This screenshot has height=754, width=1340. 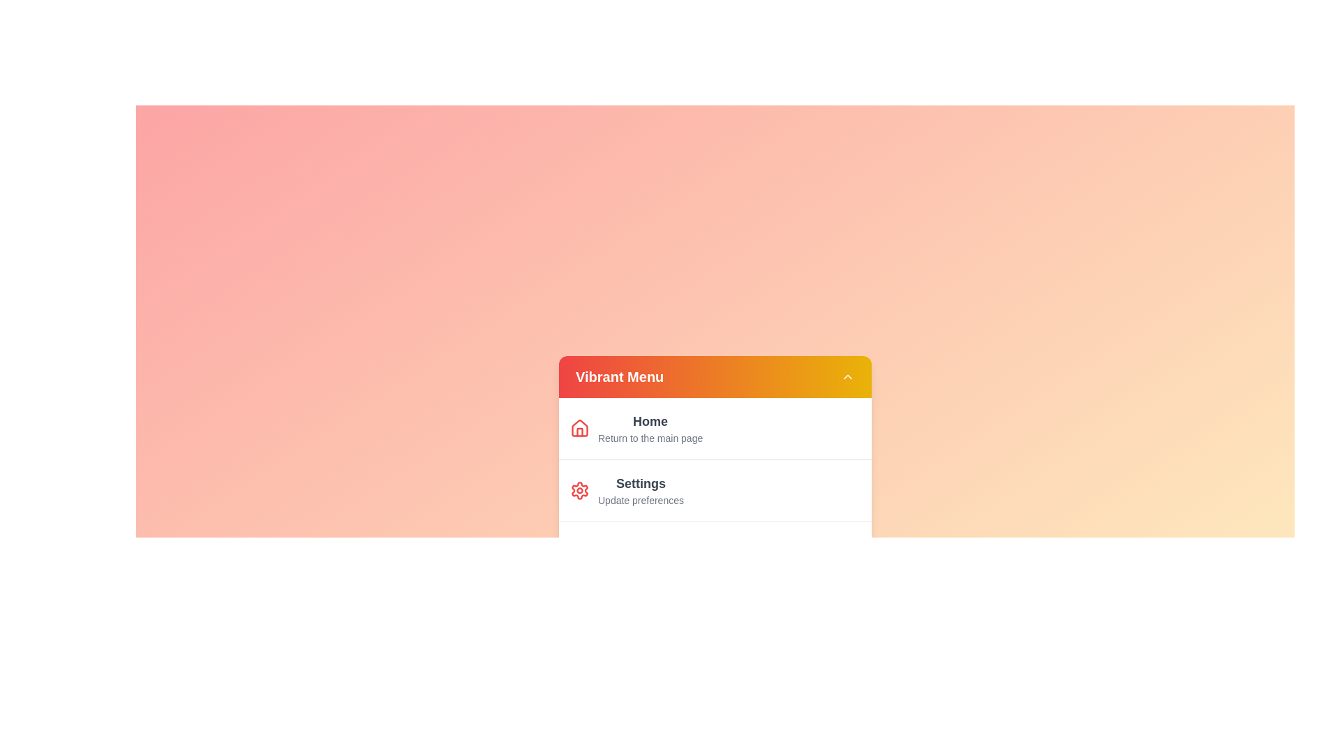 What do you see at coordinates (649, 427) in the screenshot?
I see `the menu item Home` at bounding box center [649, 427].